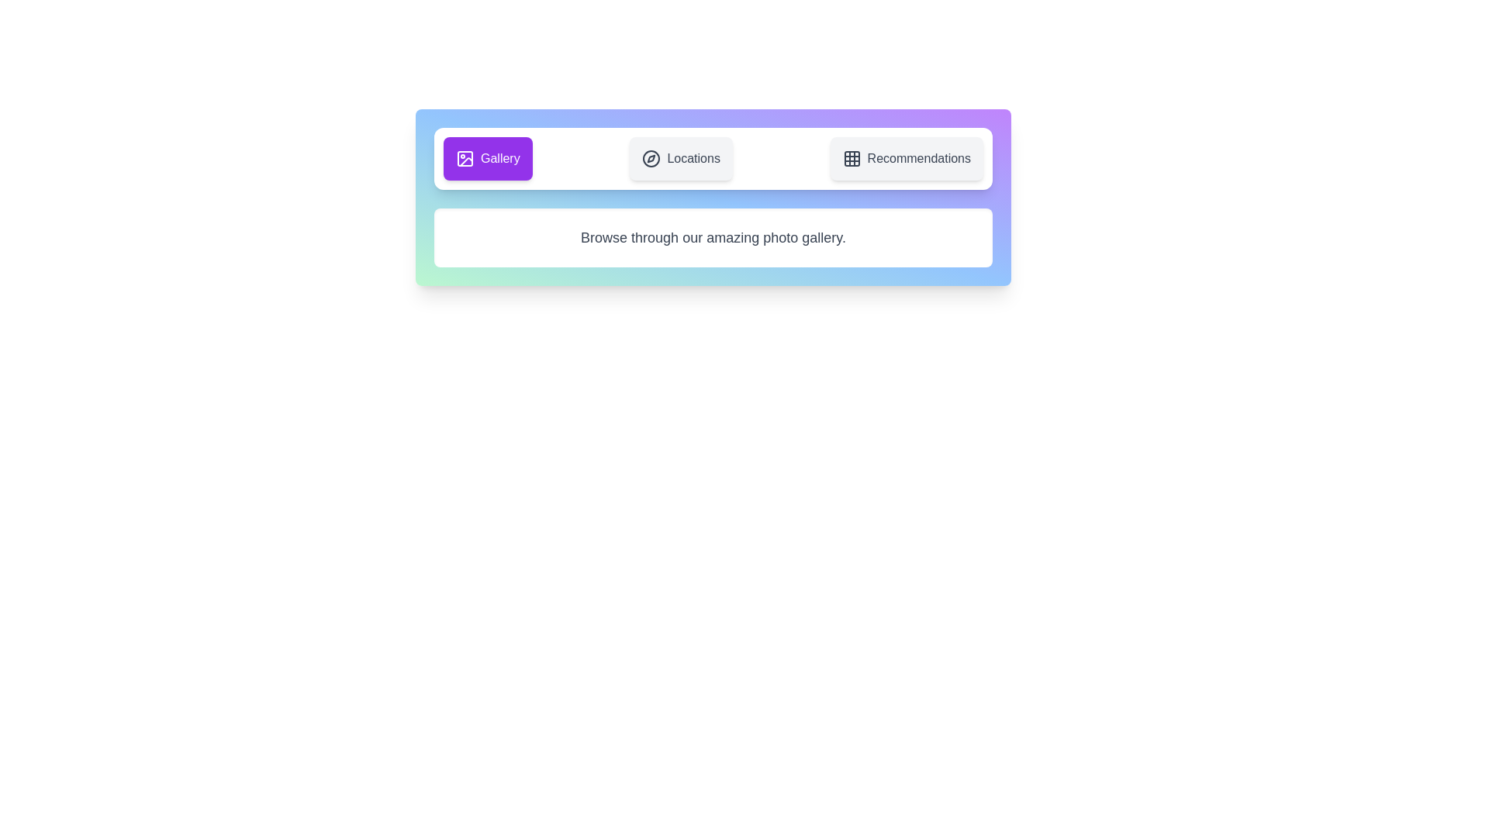 The width and height of the screenshot is (1489, 837). Describe the element at coordinates (681, 158) in the screenshot. I see `the tab Locations by clicking on it` at that location.